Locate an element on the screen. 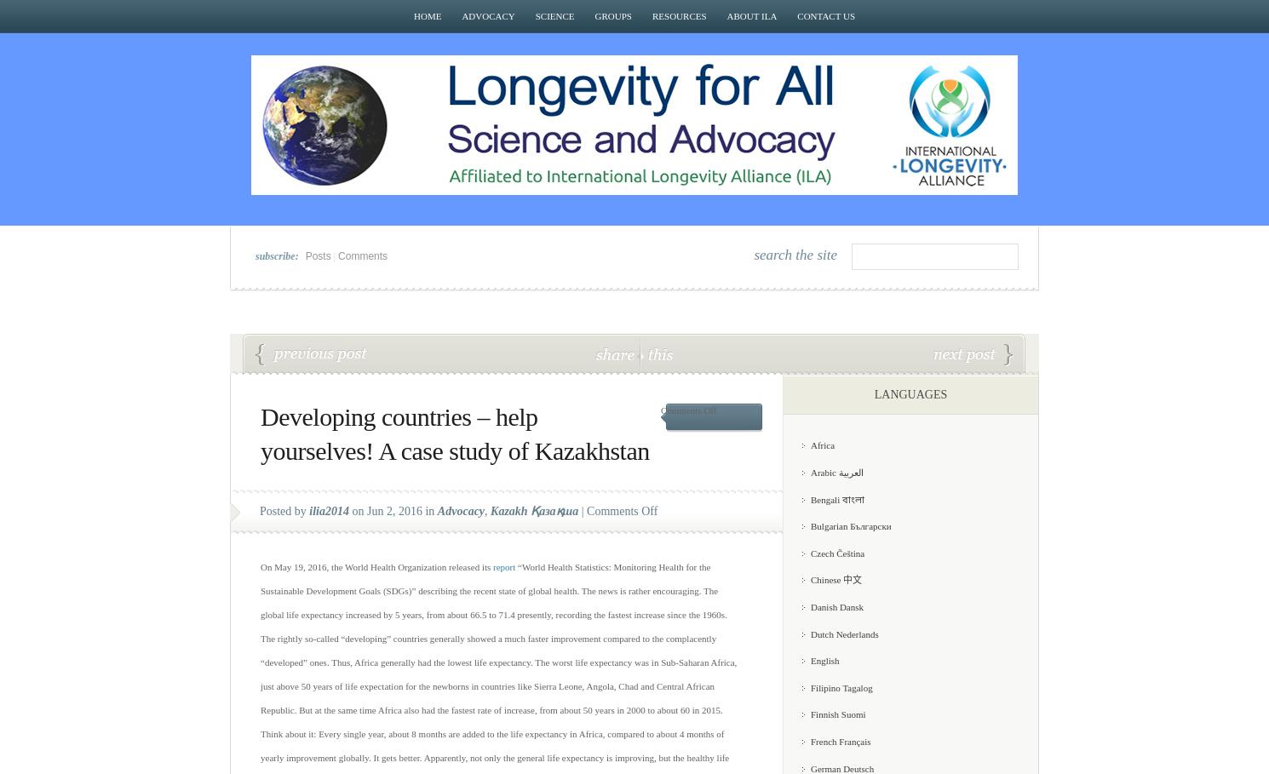  'Bengali বাংলা' is located at coordinates (836, 498).